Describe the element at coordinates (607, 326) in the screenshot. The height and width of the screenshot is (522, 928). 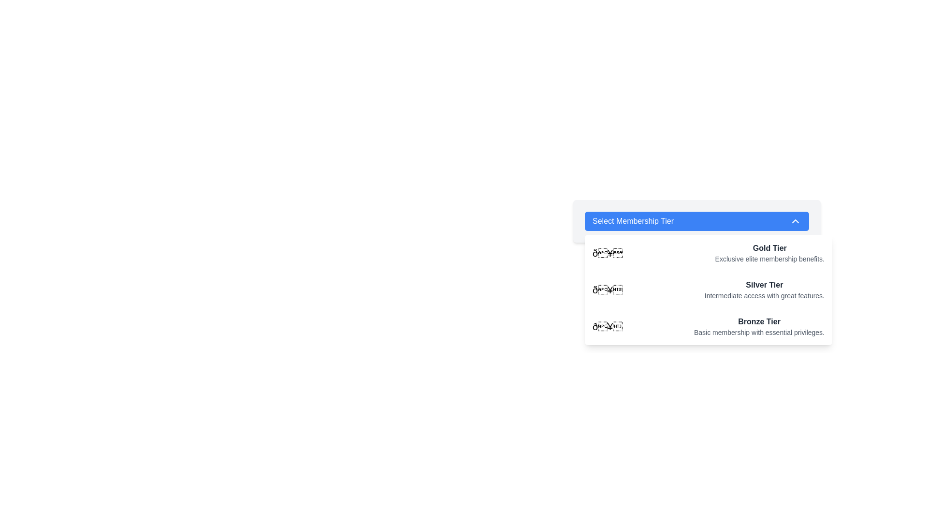
I see `the emoji symbol representing the 'Bronze Tier' membership, which is styled at a larger font size and located to the left of the text 'Bronze Tier.'` at that location.